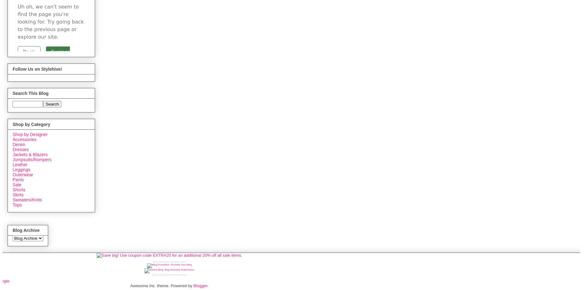  I want to click on 'Pants', so click(18, 179).